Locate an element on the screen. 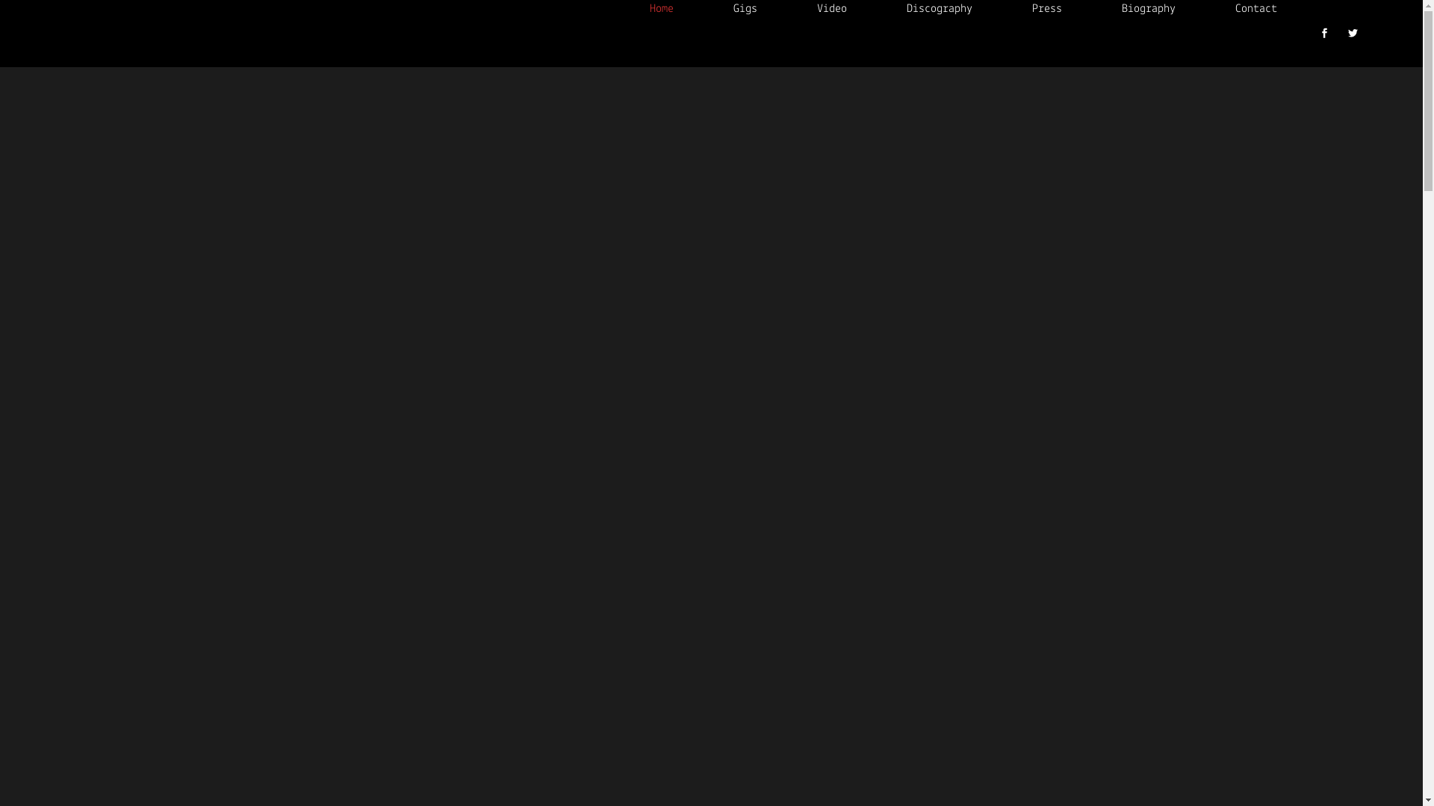 This screenshot has height=806, width=1434. 'Discography' is located at coordinates (877, 8).